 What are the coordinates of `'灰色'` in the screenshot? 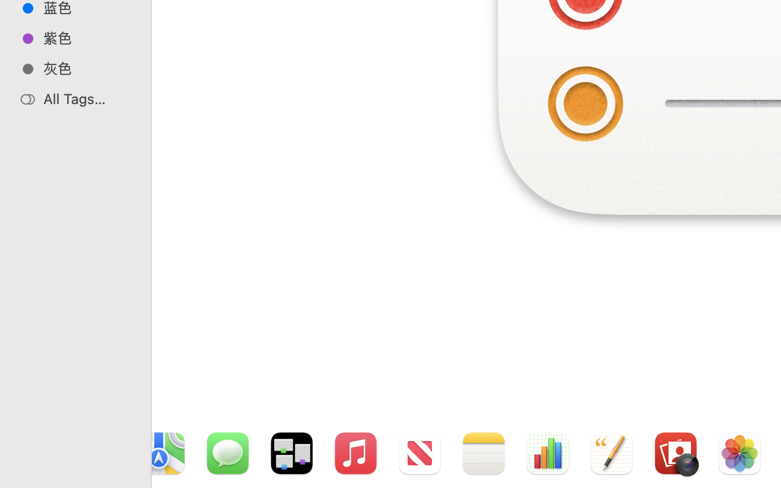 It's located at (86, 68).